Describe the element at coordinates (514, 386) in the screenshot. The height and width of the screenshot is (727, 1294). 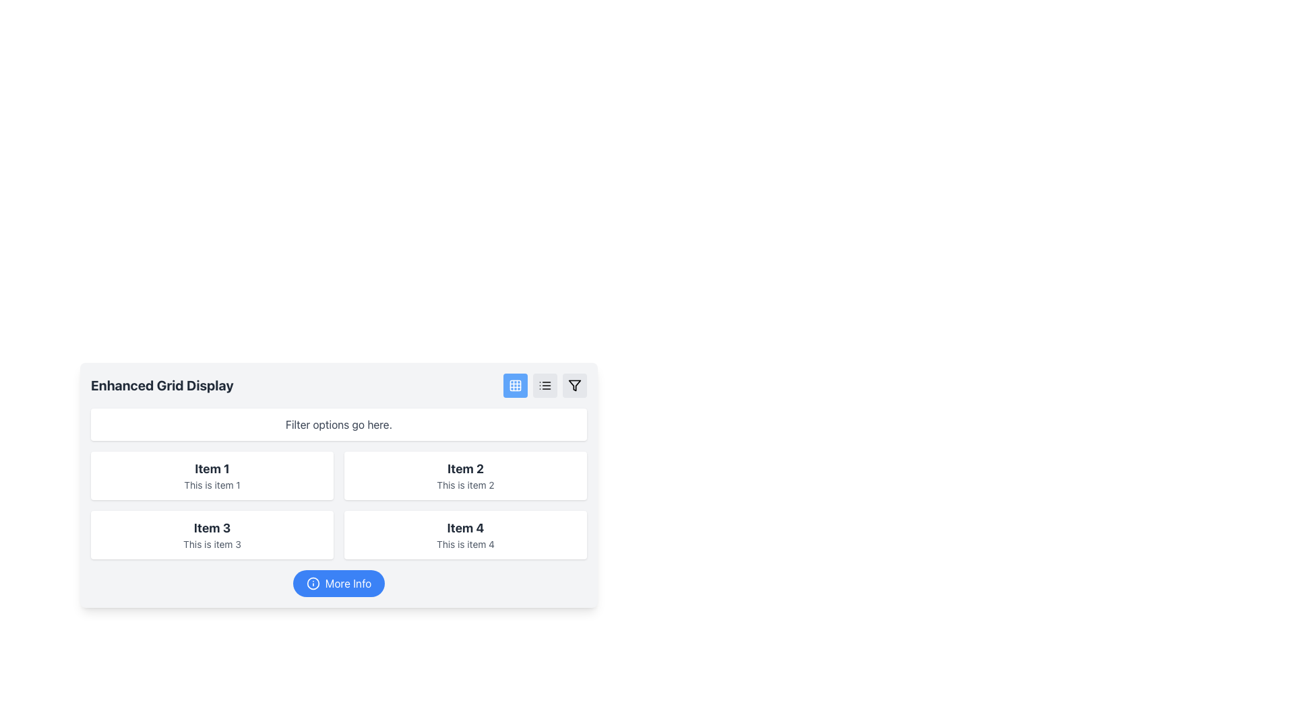
I see `the decorative shape component located at the center cell of the grid icon in the top-right corner of the enhanced grid display interface` at that location.